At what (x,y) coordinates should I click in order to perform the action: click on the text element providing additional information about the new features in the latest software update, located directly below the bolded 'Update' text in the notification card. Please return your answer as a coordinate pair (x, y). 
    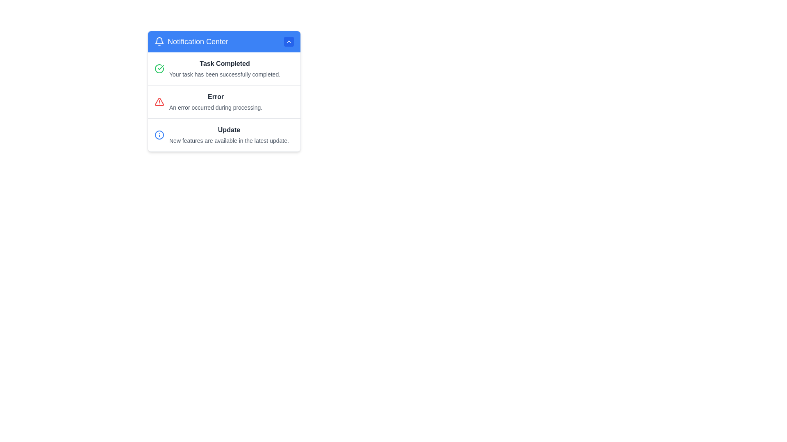
    Looking at the image, I should click on (229, 140).